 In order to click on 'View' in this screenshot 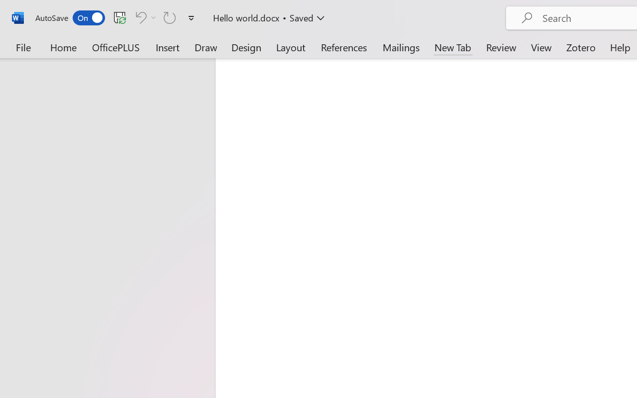, I will do `click(541, 47)`.